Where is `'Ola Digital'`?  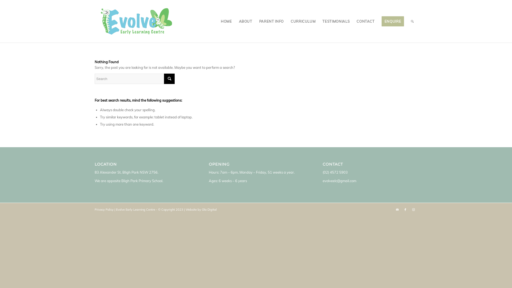
'Ola Digital' is located at coordinates (209, 209).